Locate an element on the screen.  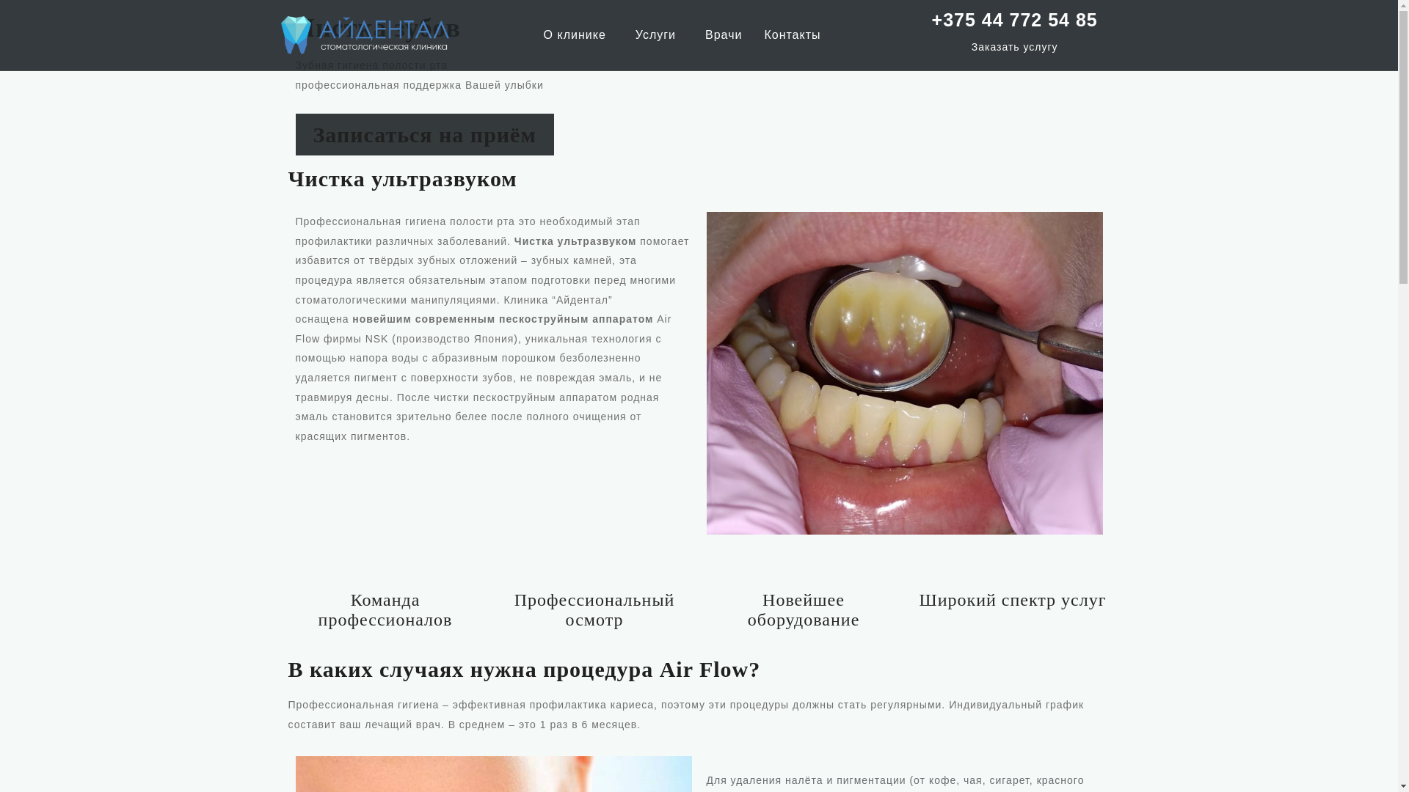
'+375 44 772 54 85' is located at coordinates (1013, 20).